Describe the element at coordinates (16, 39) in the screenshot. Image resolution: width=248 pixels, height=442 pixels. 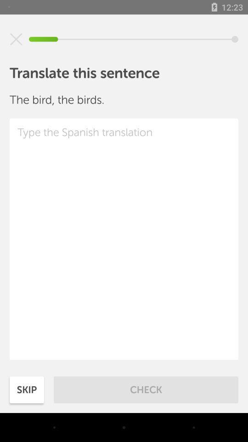
I see `close` at that location.